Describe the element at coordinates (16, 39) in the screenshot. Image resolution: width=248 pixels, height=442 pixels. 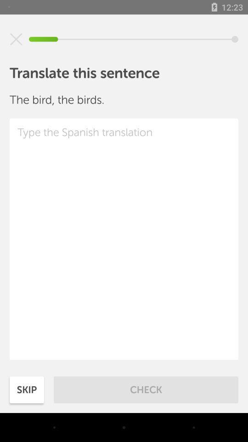
I see `close` at that location.